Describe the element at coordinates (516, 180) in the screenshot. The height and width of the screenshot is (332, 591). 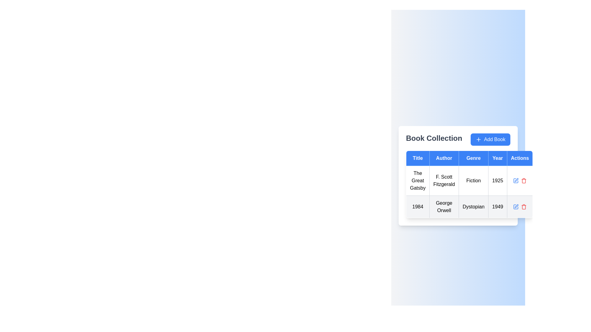
I see `the edit icon located in the 'Actions' column of the second row of the table to initiate an edit action` at that location.